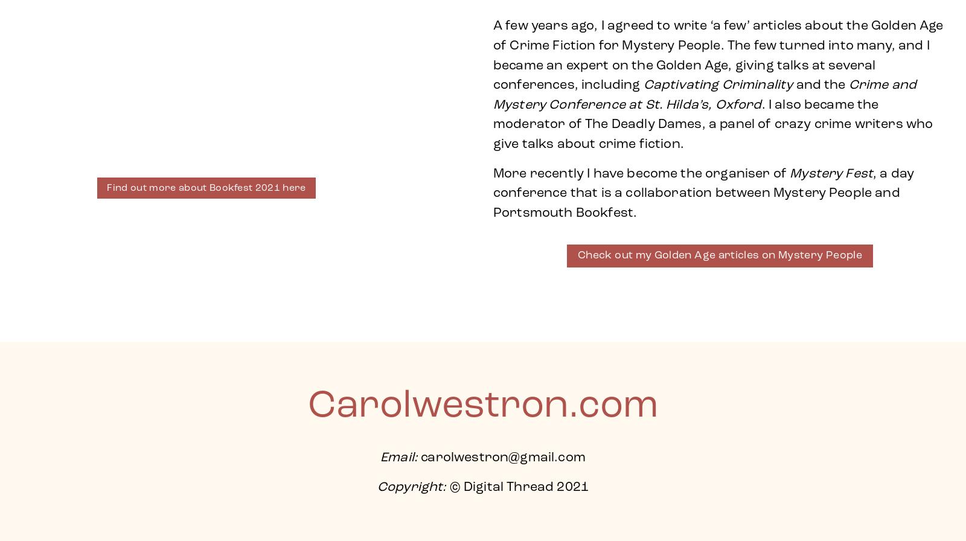 This screenshot has width=966, height=541. What do you see at coordinates (411, 487) in the screenshot?
I see `'Copyright:'` at bounding box center [411, 487].